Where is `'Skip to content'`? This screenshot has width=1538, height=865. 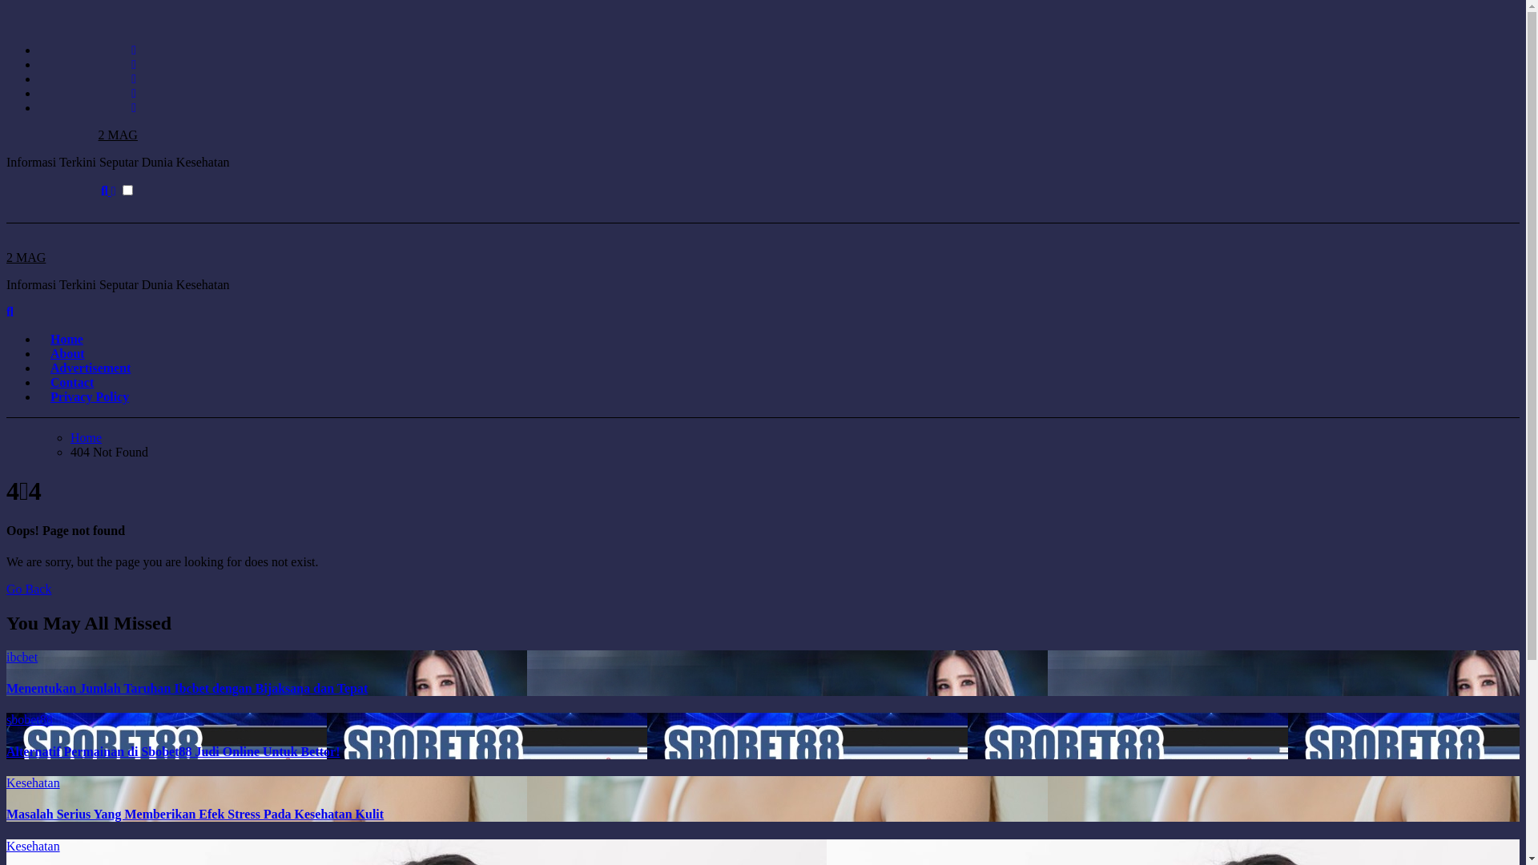 'Skip to content' is located at coordinates (5, 6).